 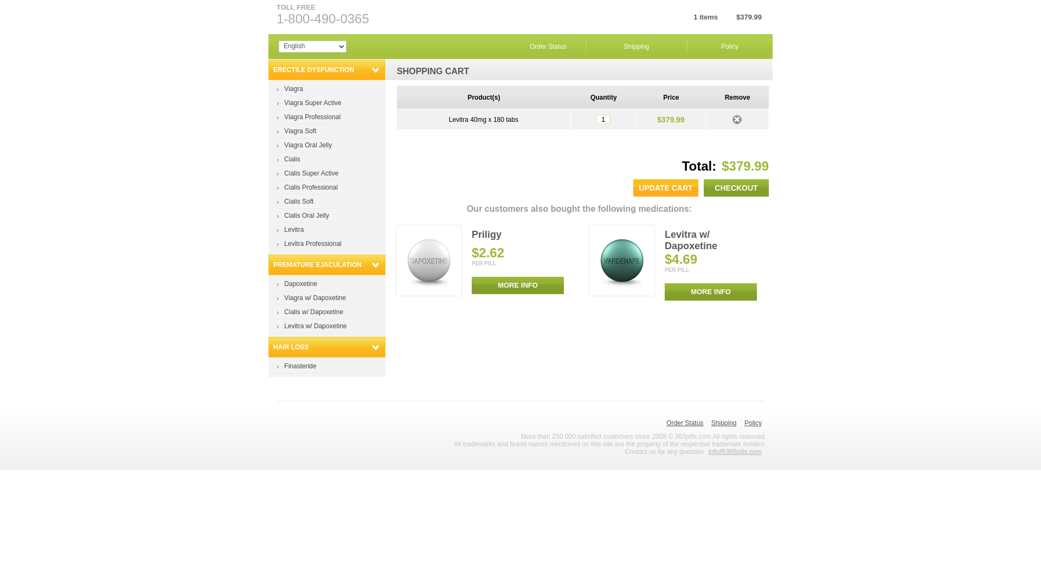 I want to click on 'Viagra w/ Dapoxetine', so click(x=314, y=298).